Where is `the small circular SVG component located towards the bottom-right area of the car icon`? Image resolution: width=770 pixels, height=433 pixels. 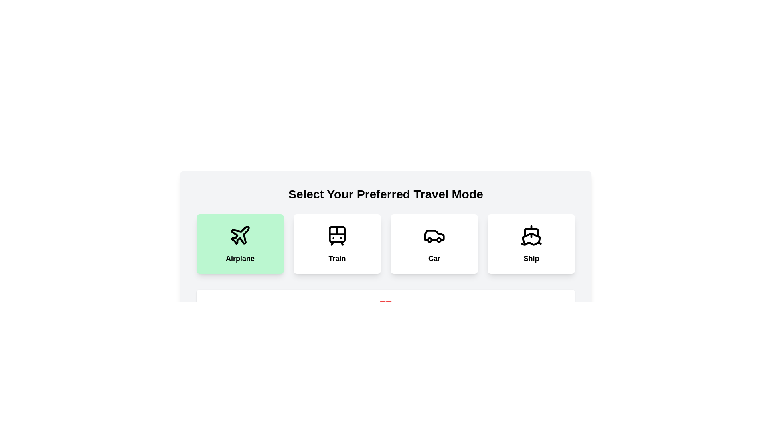
the small circular SVG component located towards the bottom-right area of the car icon is located at coordinates (438, 239).